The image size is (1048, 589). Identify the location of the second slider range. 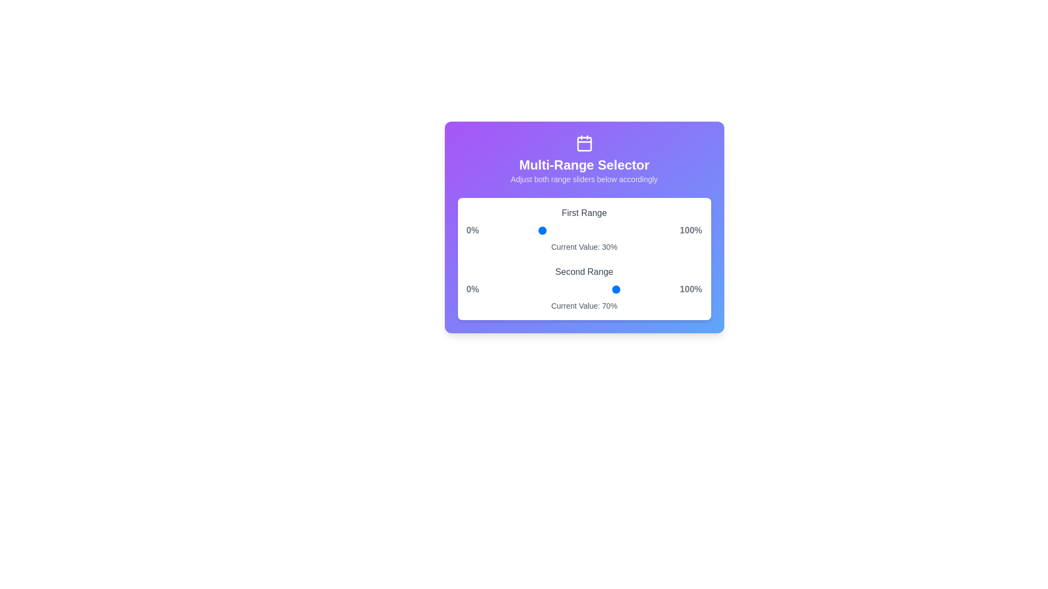
(498, 289).